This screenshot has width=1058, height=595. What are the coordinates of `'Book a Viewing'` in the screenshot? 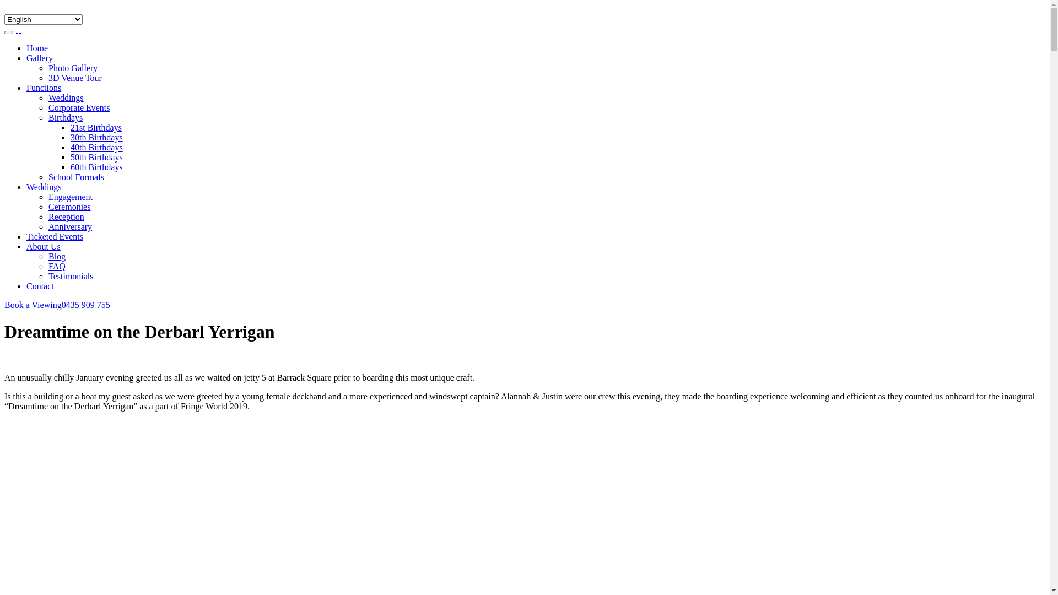 It's located at (33, 305).